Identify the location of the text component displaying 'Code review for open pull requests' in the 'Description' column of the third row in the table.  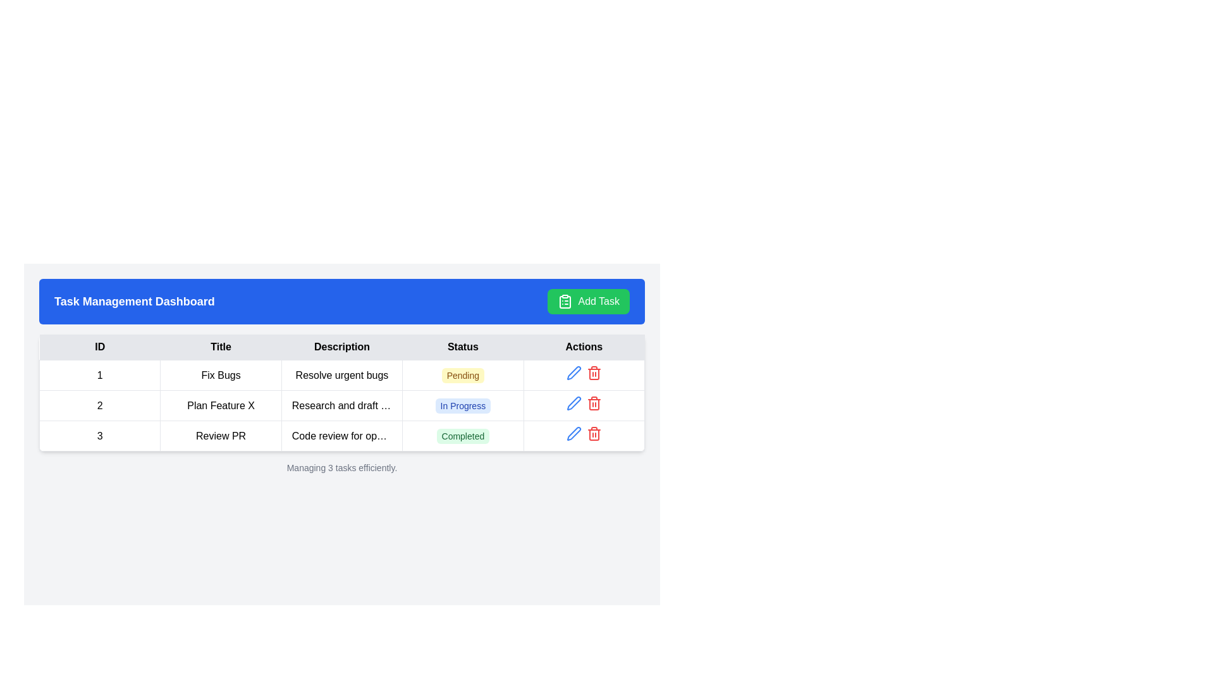
(342, 435).